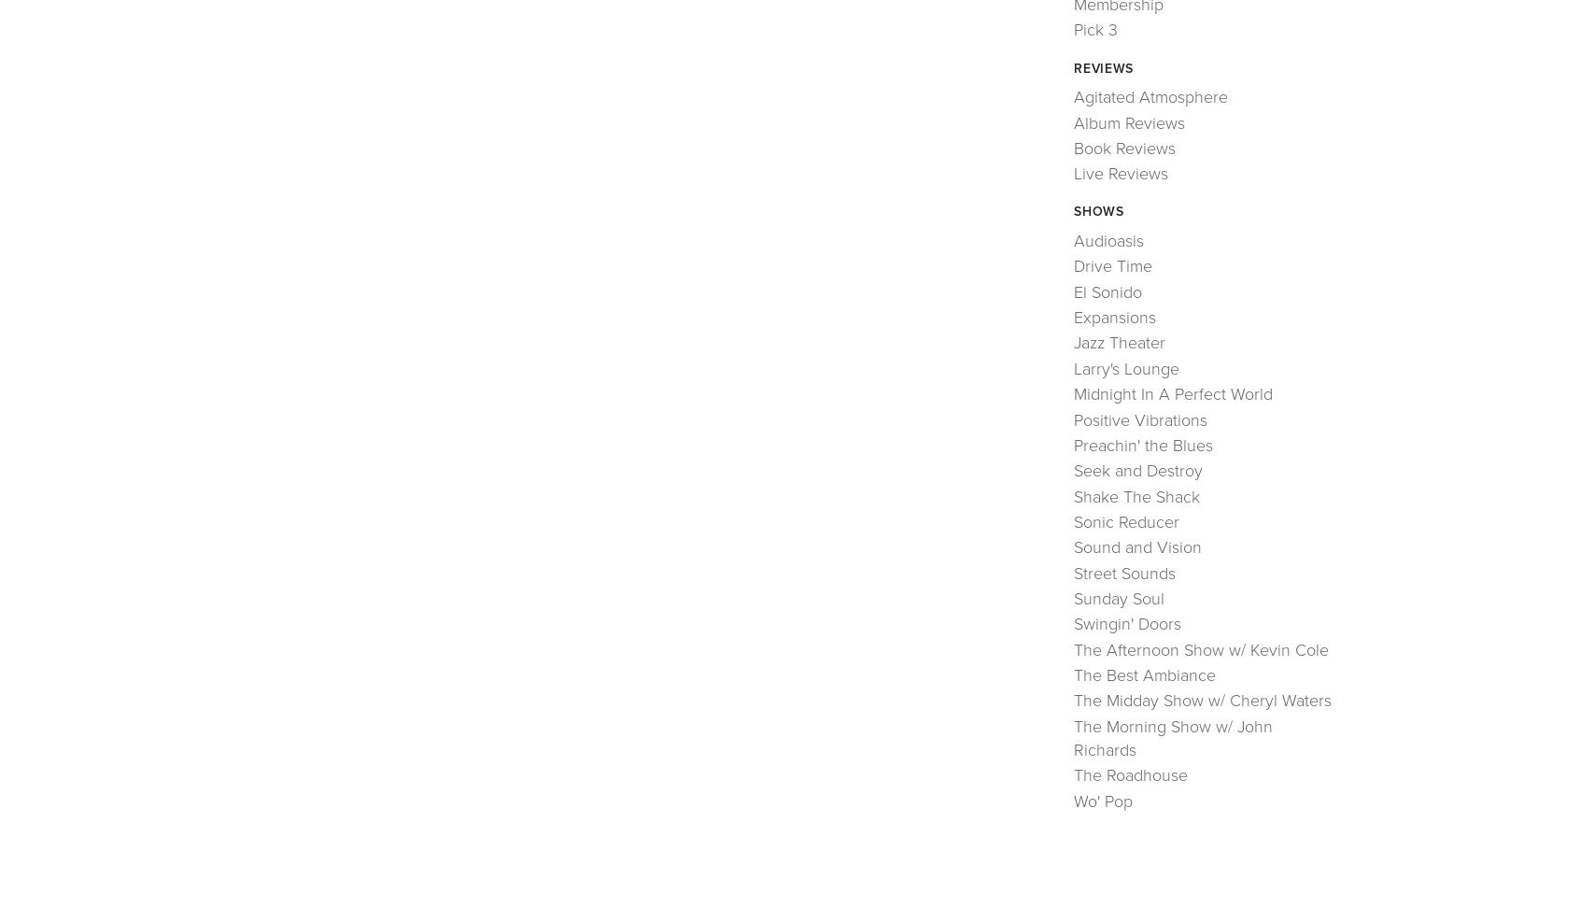  What do you see at coordinates (1073, 801) in the screenshot?
I see `'Wo' Pop'` at bounding box center [1073, 801].